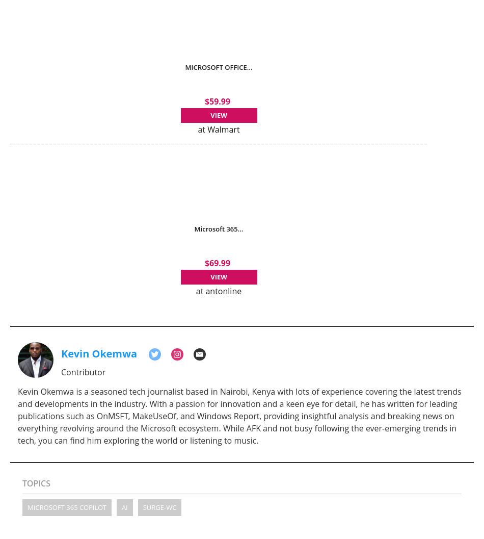  Describe the element at coordinates (83, 371) in the screenshot. I see `'Contributor'` at that location.